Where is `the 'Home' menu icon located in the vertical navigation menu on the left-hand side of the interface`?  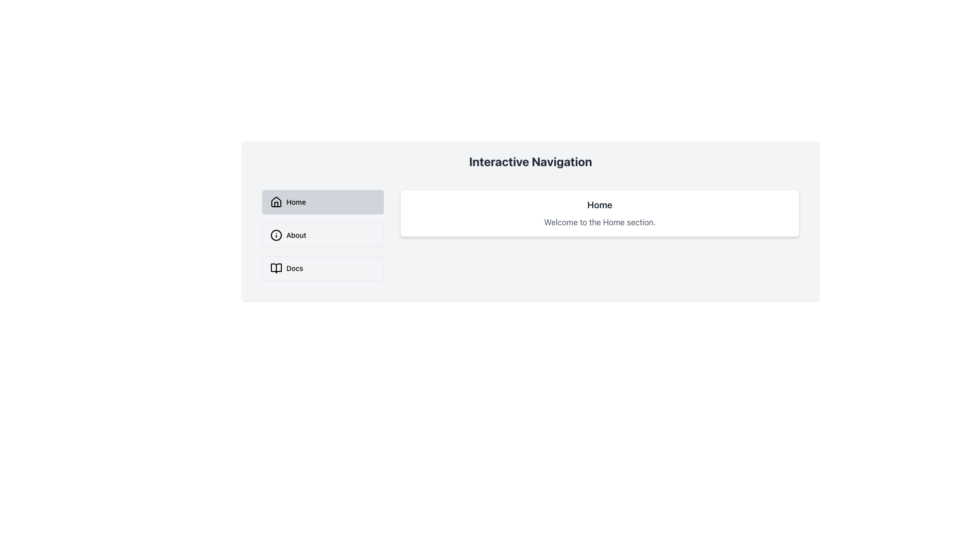
the 'Home' menu icon located in the vertical navigation menu on the left-hand side of the interface is located at coordinates (276, 201).